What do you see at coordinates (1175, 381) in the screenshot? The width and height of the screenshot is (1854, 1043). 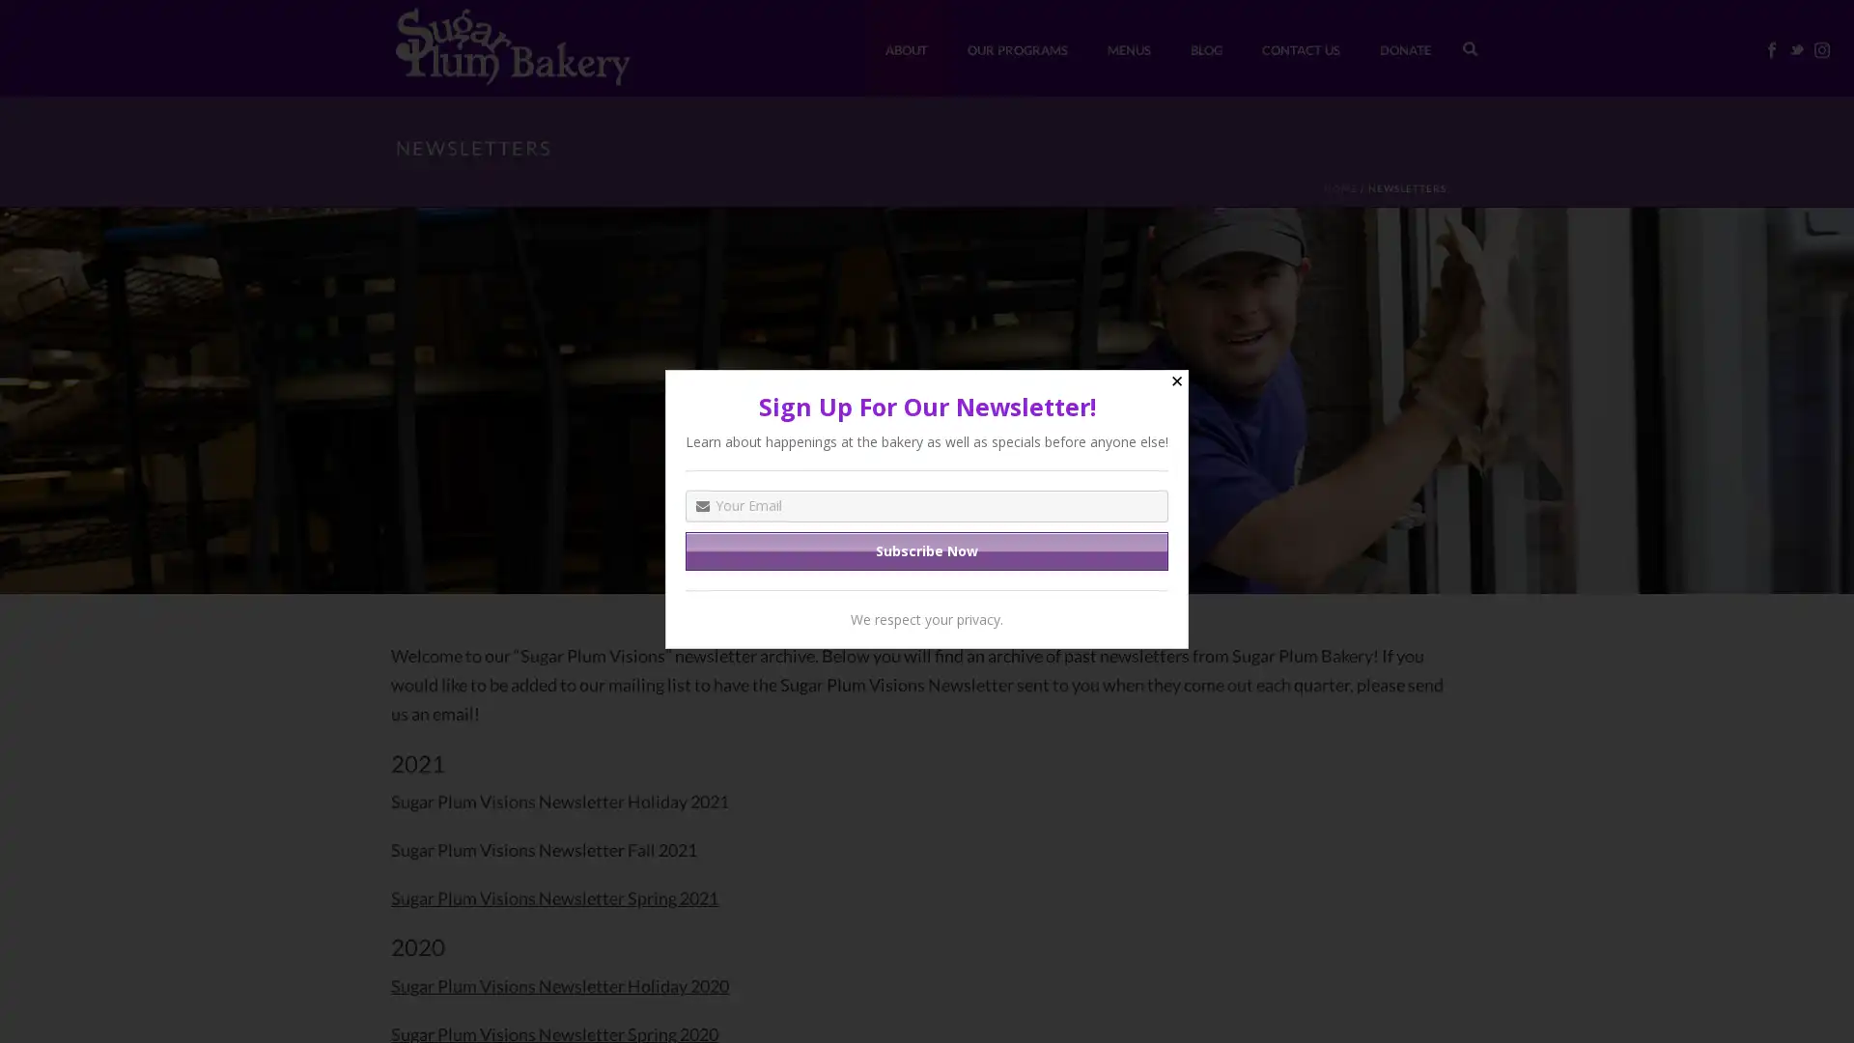 I see `Close` at bounding box center [1175, 381].